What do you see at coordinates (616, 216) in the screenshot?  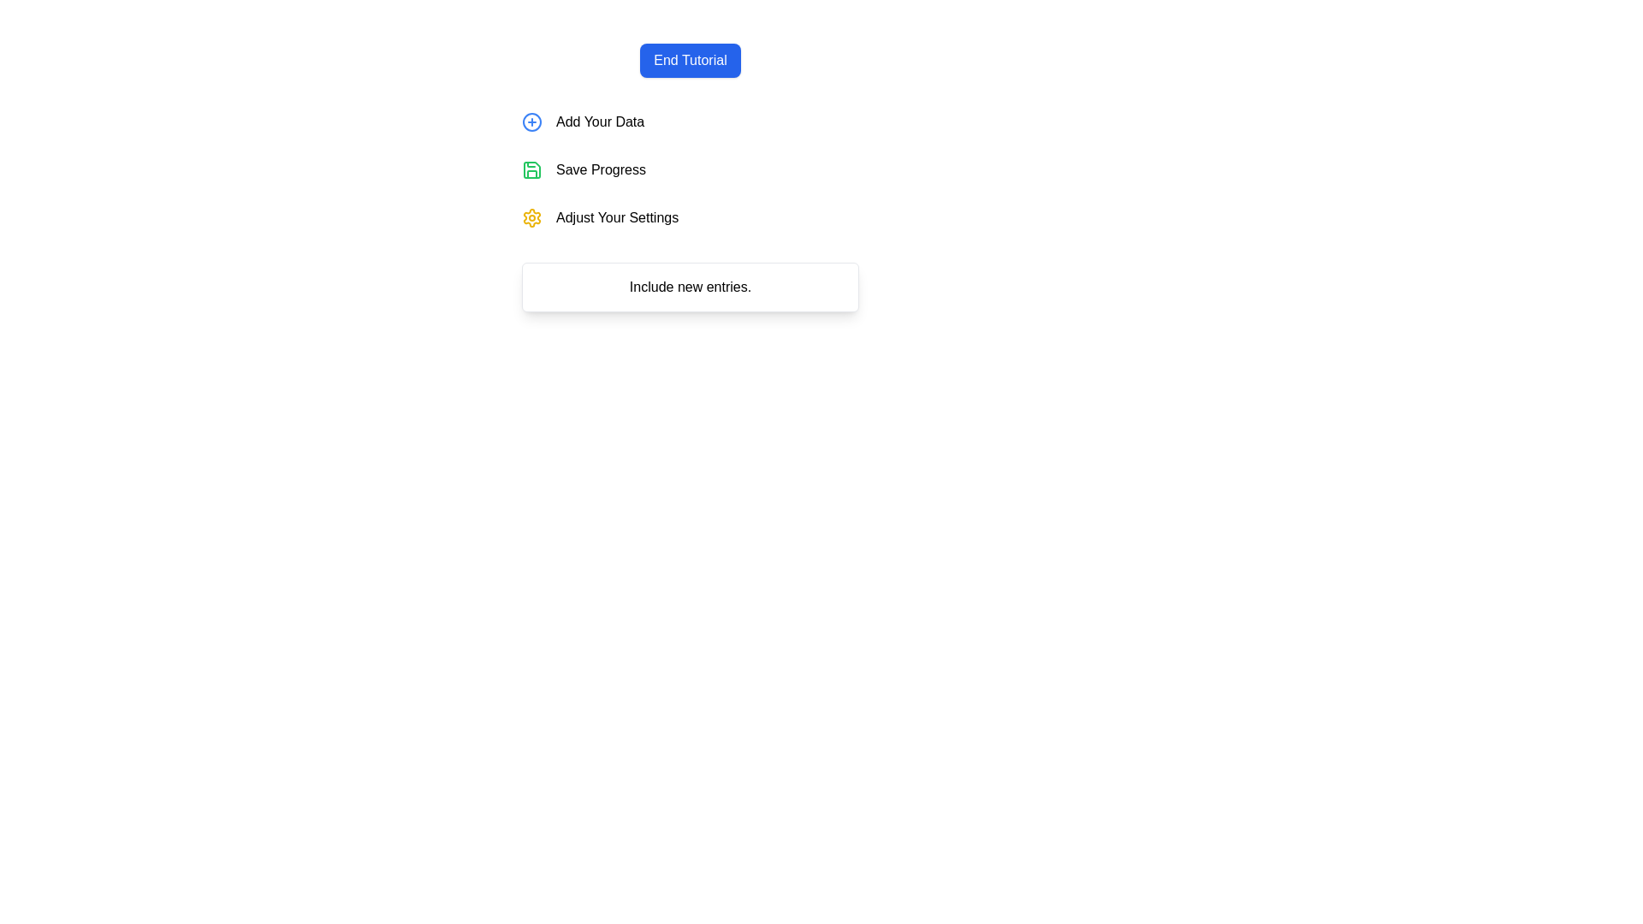 I see `the text label element that says 'Adjust Your Settings', positioned to the right of a yellow gear icon, located in the middle-left section of the interface` at bounding box center [616, 216].